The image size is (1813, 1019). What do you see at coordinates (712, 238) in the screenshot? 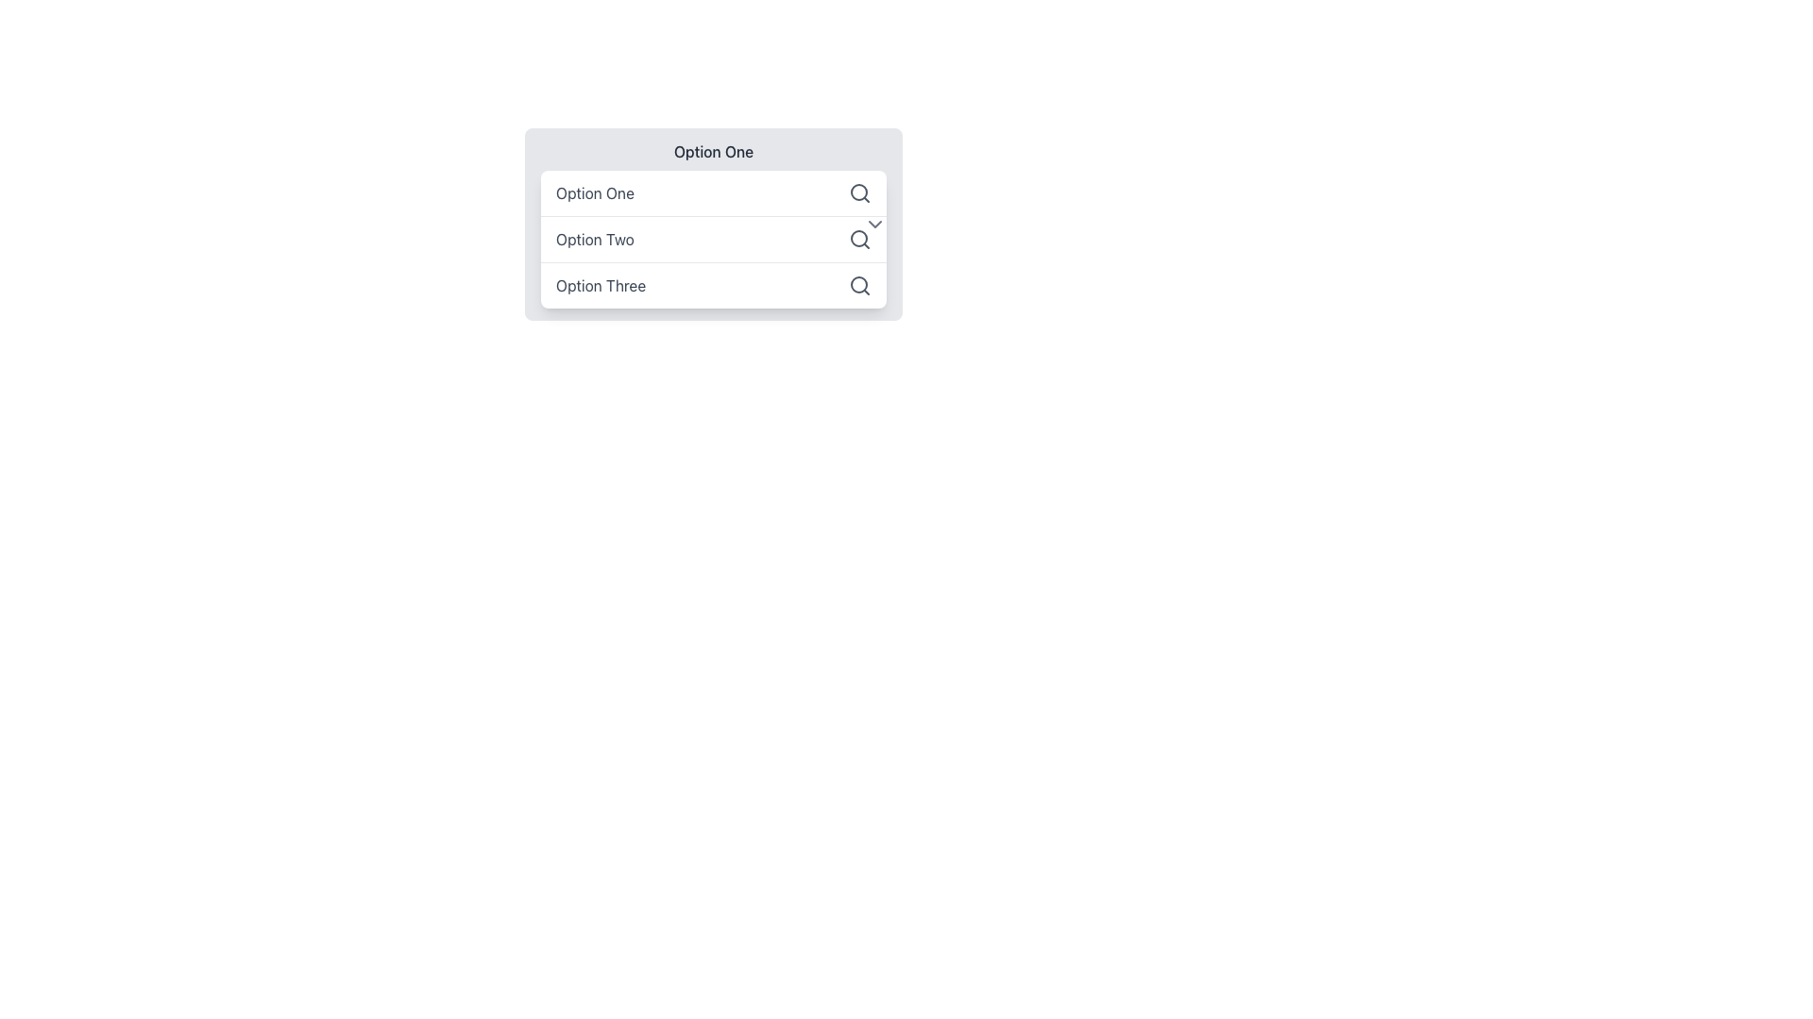
I see `the second item in the dropdown list labeled 'Option Two'` at bounding box center [712, 238].